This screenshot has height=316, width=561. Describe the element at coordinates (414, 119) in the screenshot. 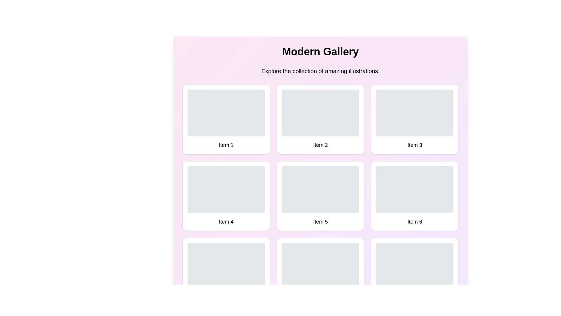

I see `the card component representing 'Item 3' in the third column of the first row in the grid layout` at that location.